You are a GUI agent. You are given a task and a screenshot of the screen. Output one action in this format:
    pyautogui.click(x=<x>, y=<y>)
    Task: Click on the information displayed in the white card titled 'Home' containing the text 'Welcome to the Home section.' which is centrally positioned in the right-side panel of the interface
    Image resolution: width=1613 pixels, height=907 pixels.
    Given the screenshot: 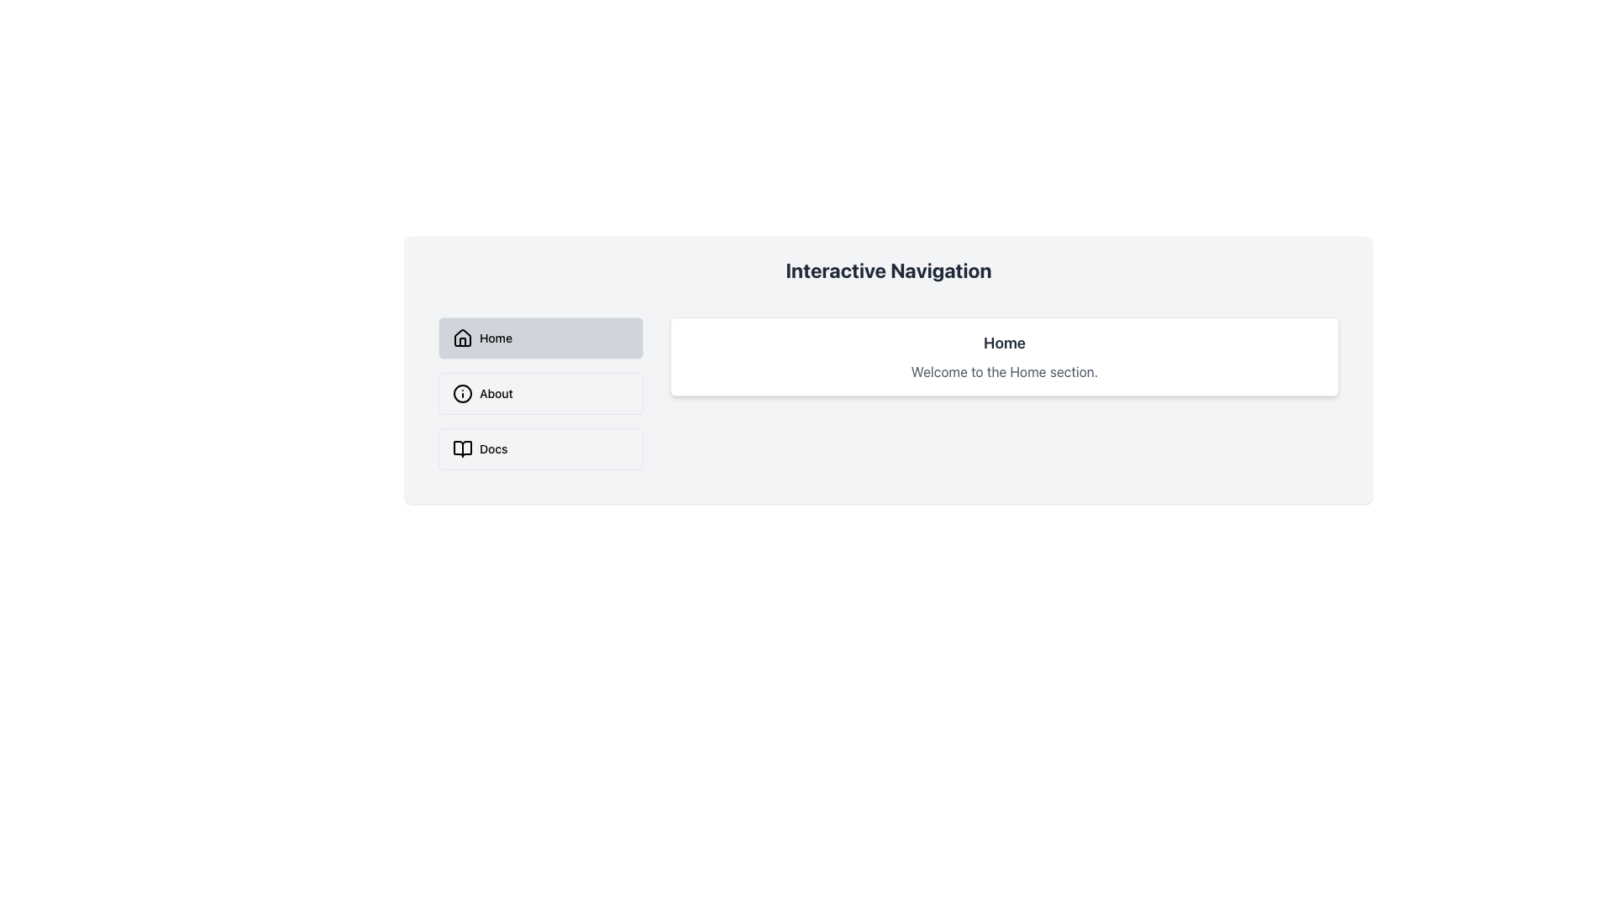 What is the action you would take?
    pyautogui.click(x=1004, y=394)
    